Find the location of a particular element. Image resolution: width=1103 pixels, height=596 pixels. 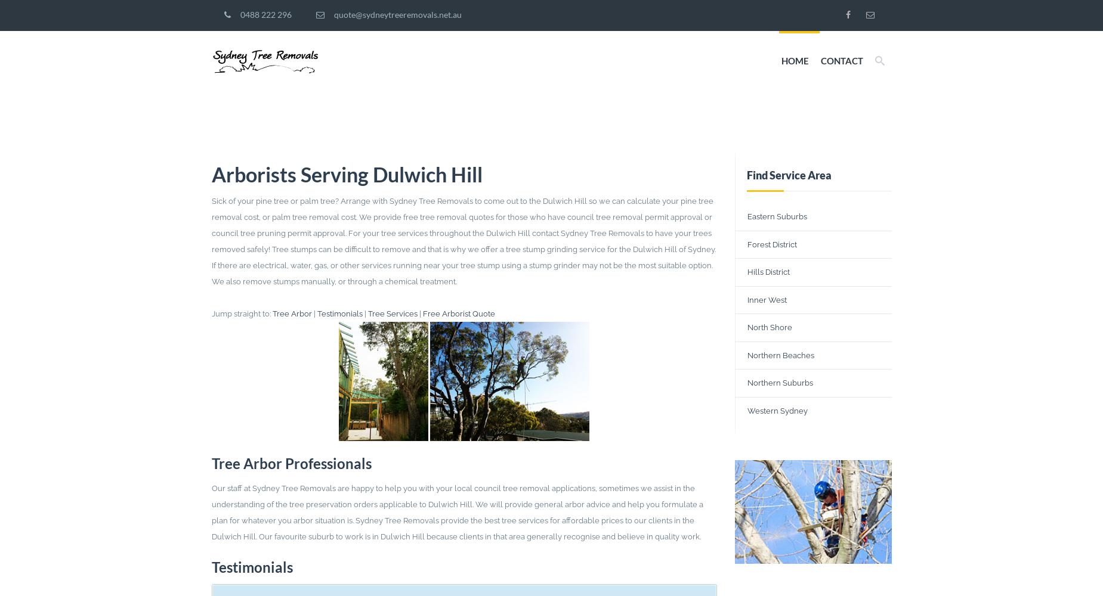

'Western Sydney' is located at coordinates (747, 410).